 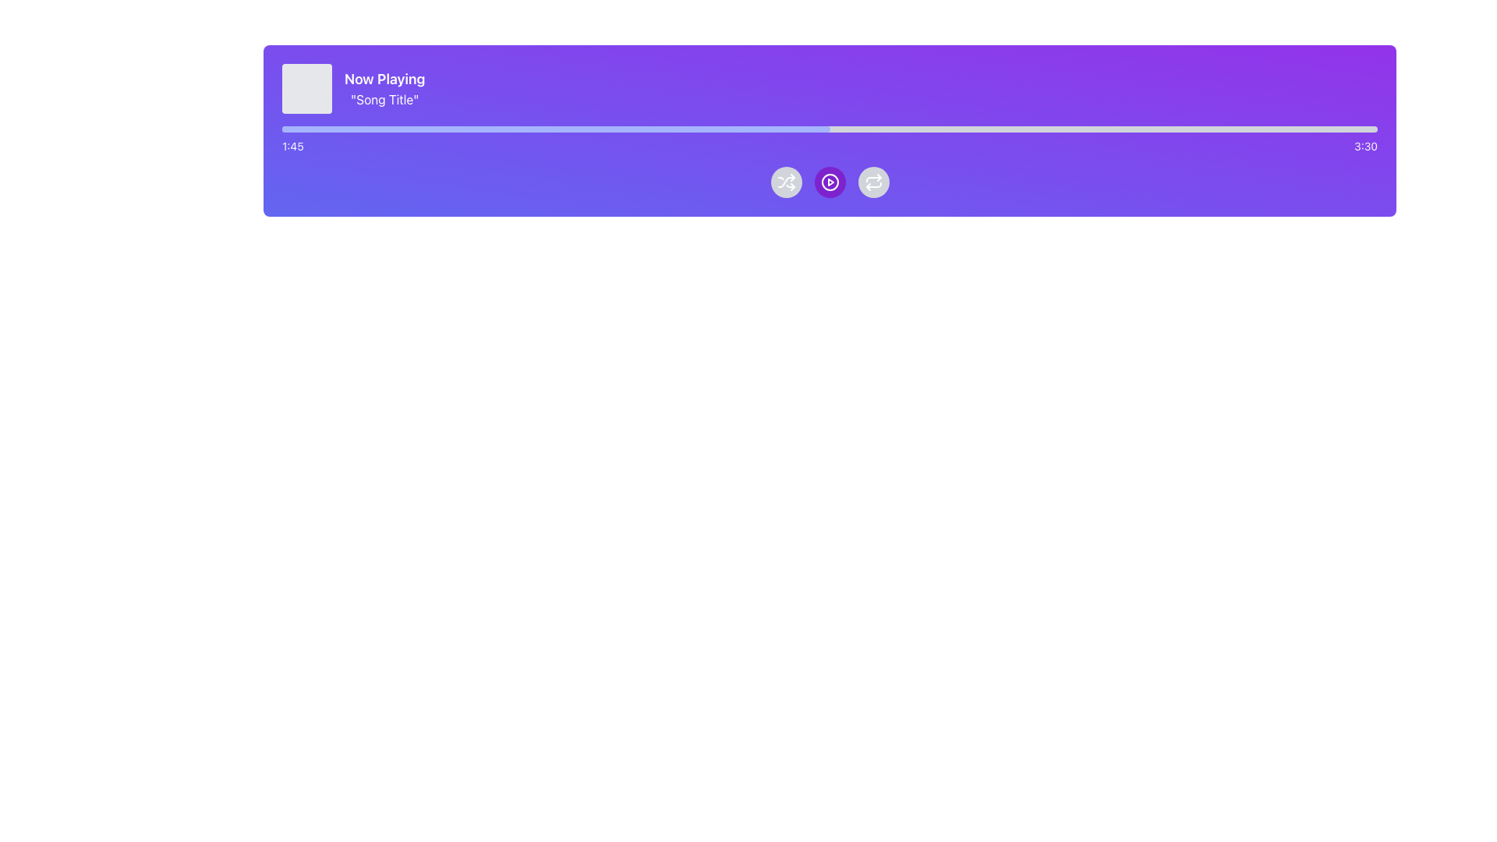 What do you see at coordinates (599, 128) in the screenshot?
I see `playback progress` at bounding box center [599, 128].